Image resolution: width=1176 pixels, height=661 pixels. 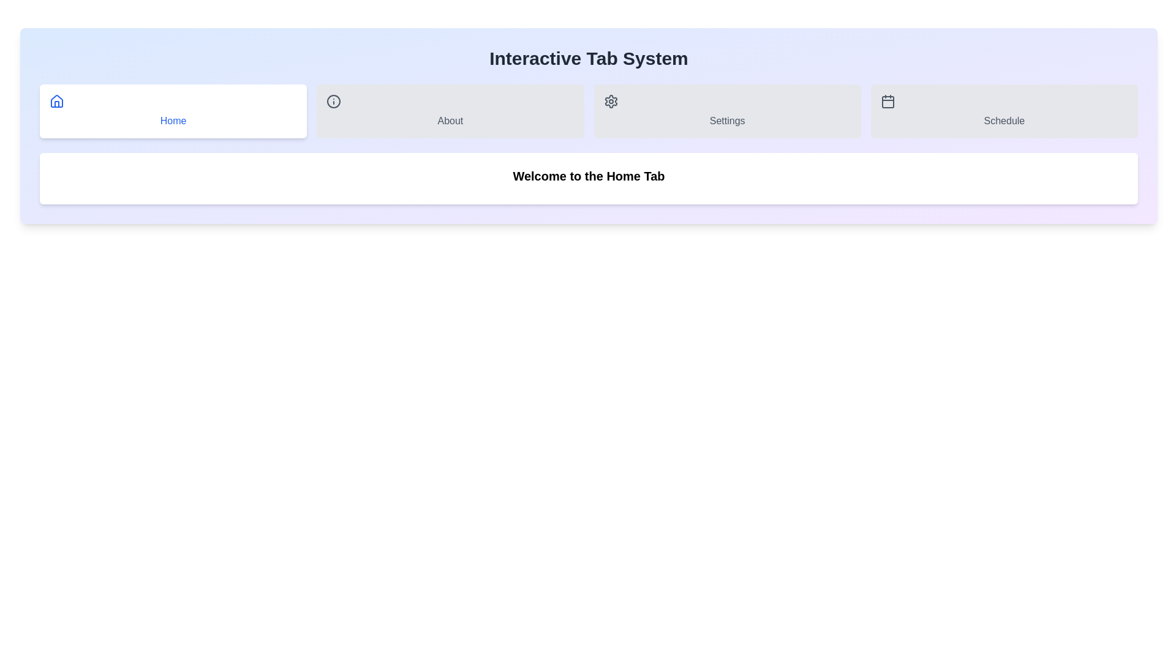 I want to click on the About tab by clicking on its label or icon, so click(x=450, y=111).